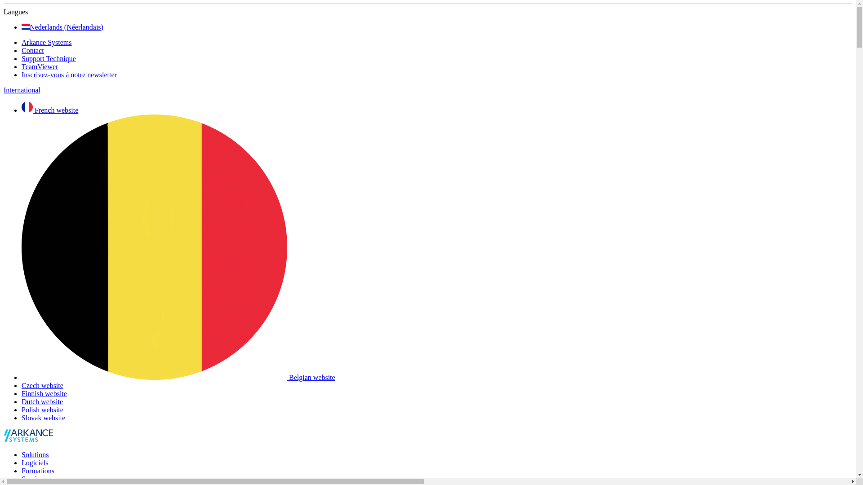  I want to click on 'Logiciels', so click(35, 463).